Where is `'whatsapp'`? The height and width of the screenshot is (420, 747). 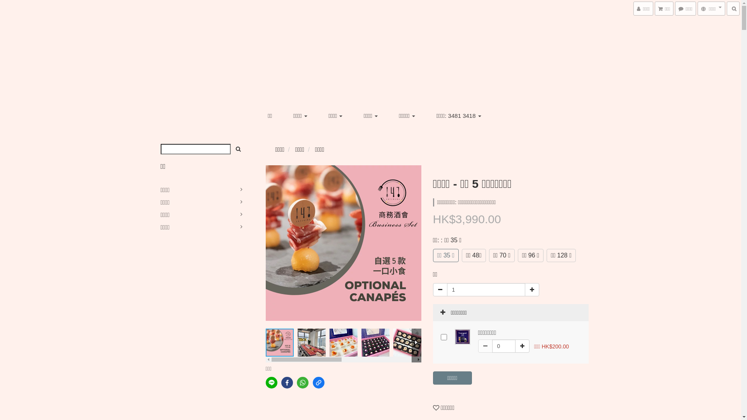 'whatsapp' is located at coordinates (296, 382).